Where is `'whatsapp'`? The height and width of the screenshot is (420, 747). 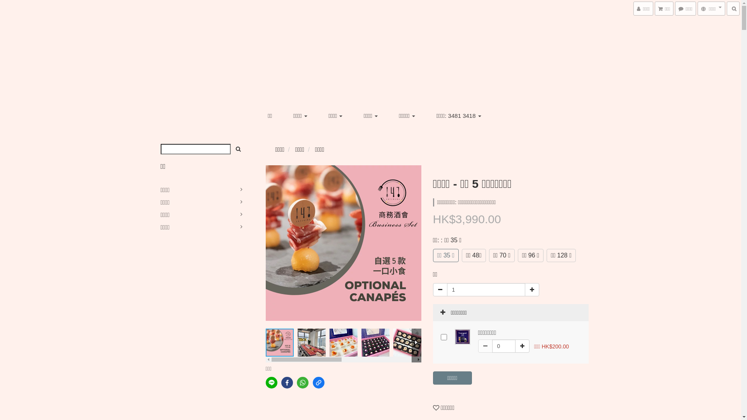 'whatsapp' is located at coordinates (296, 382).